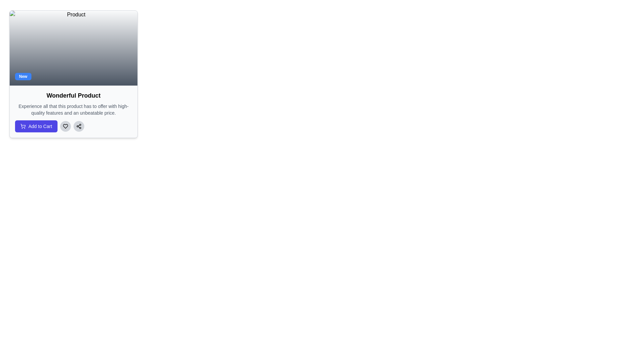  What do you see at coordinates (65, 126) in the screenshot?
I see `the circular button with a light gray background and a black heart icon to like the item, positioned between the 'Add to Cart' button and the share button` at bounding box center [65, 126].